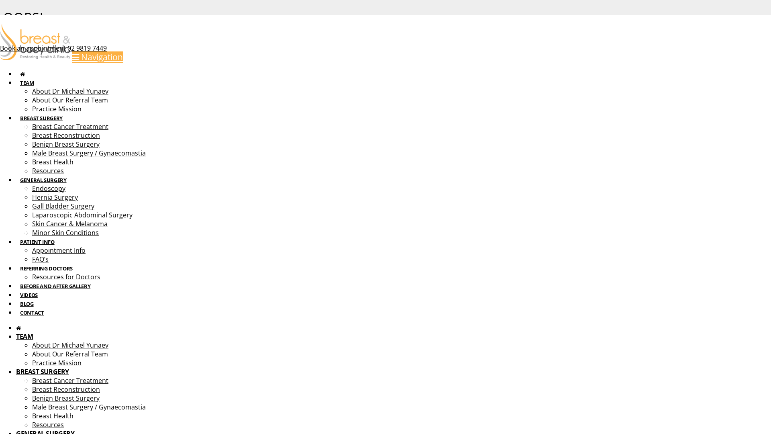  What do you see at coordinates (89, 153) in the screenshot?
I see `'Male Breast Surgery / Gynaecomastia'` at bounding box center [89, 153].